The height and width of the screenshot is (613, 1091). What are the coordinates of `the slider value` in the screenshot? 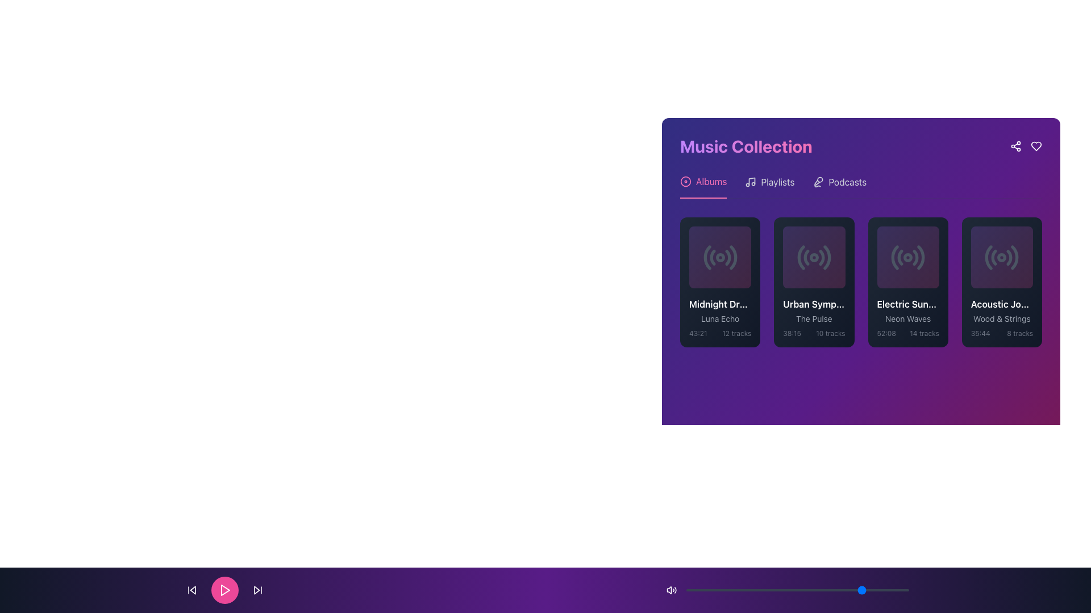 It's located at (784, 590).